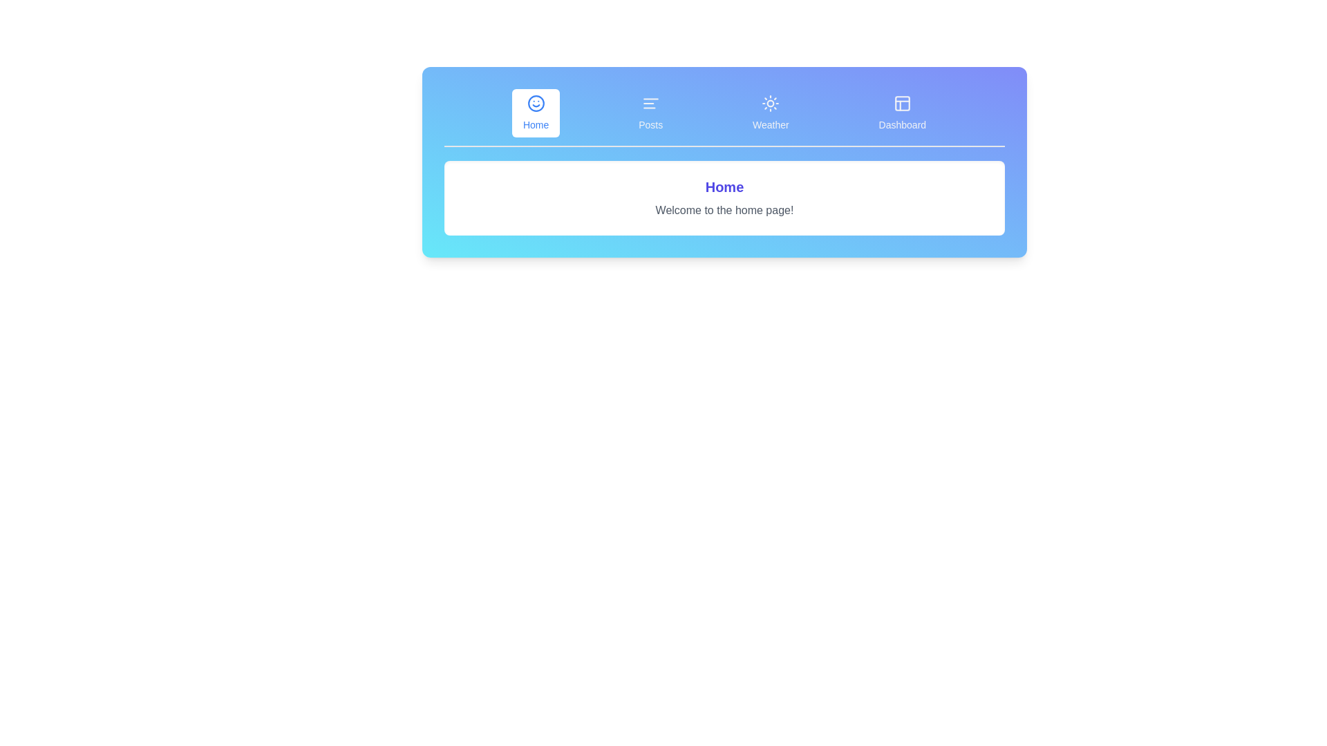 The width and height of the screenshot is (1327, 746). I want to click on the tab labeled Posts, so click(650, 113).